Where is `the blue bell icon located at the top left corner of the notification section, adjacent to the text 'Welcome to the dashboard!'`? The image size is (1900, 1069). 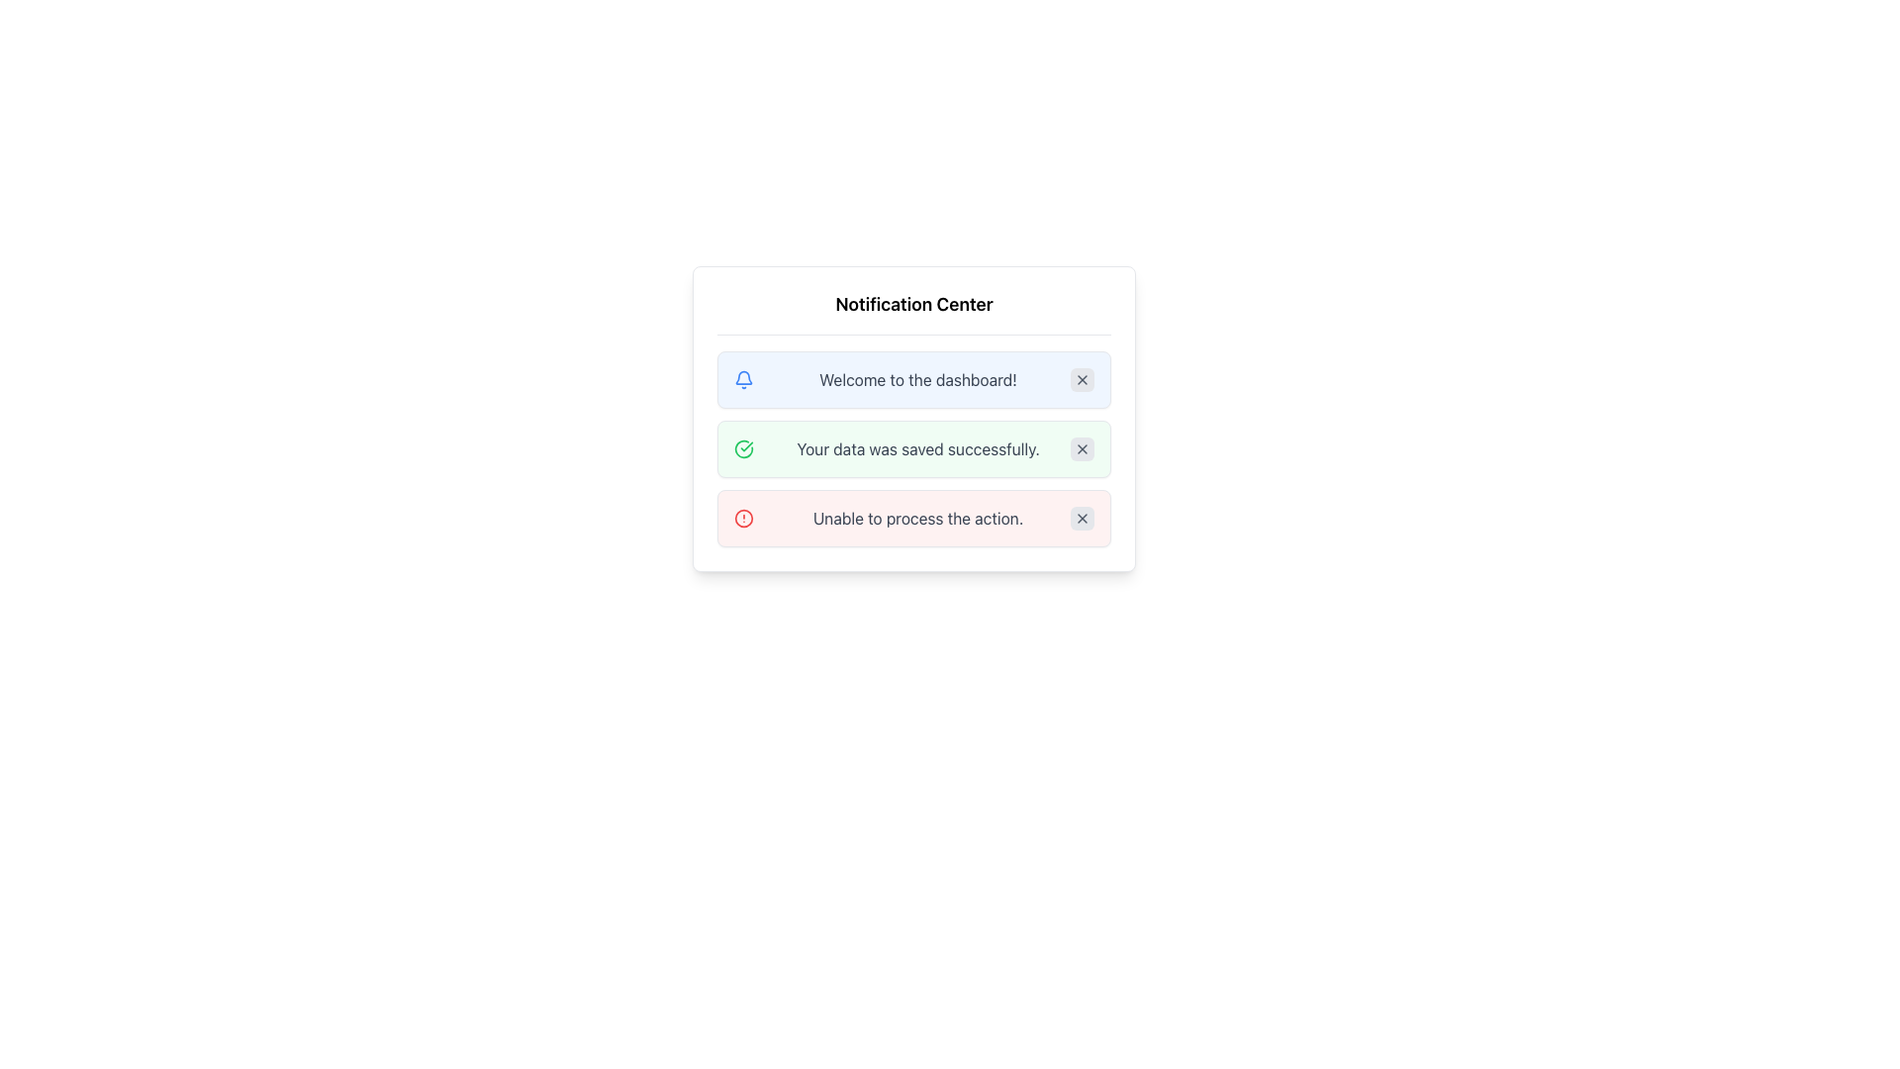
the blue bell icon located at the top left corner of the notification section, adjacent to the text 'Welcome to the dashboard!' is located at coordinates (743, 380).